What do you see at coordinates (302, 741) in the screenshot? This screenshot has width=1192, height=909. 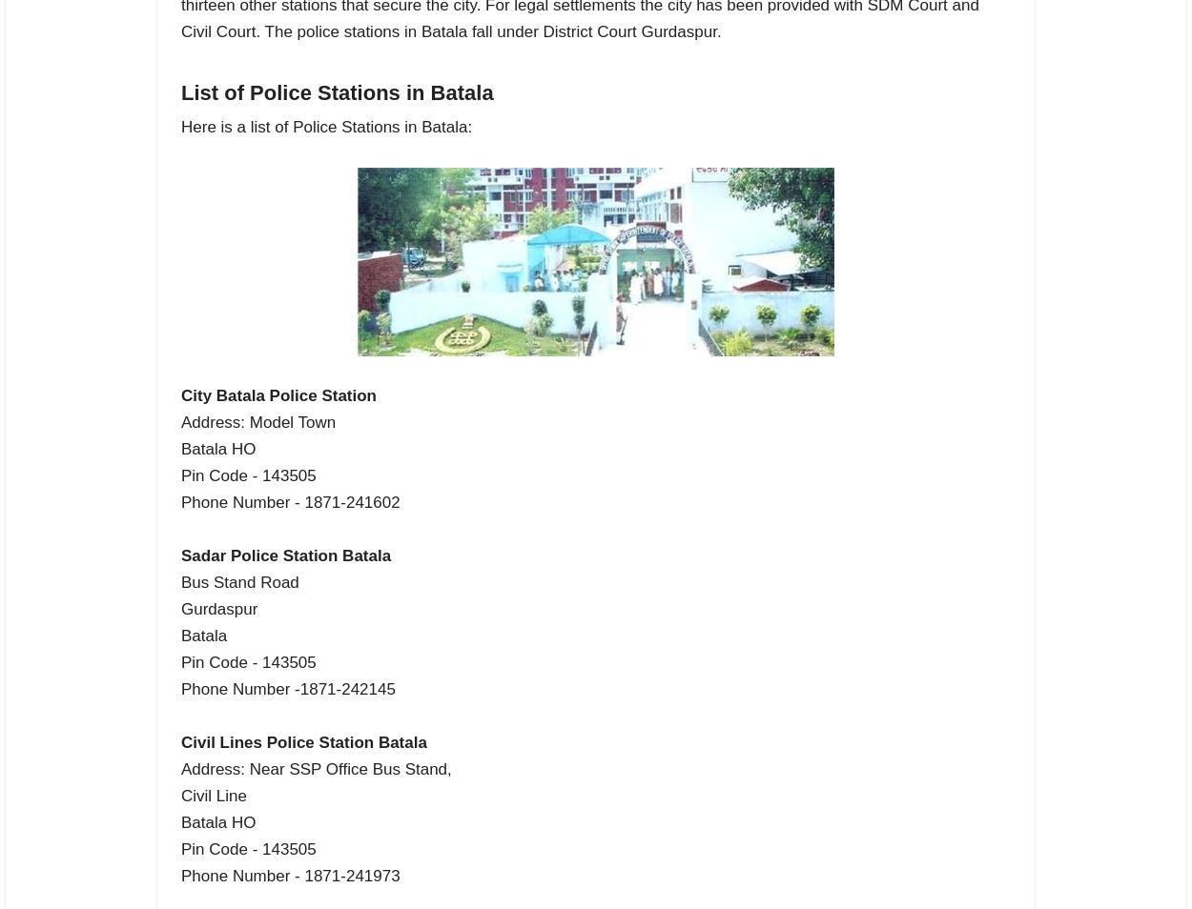 I see `'Civil Lines Police Station Batala'` at bounding box center [302, 741].